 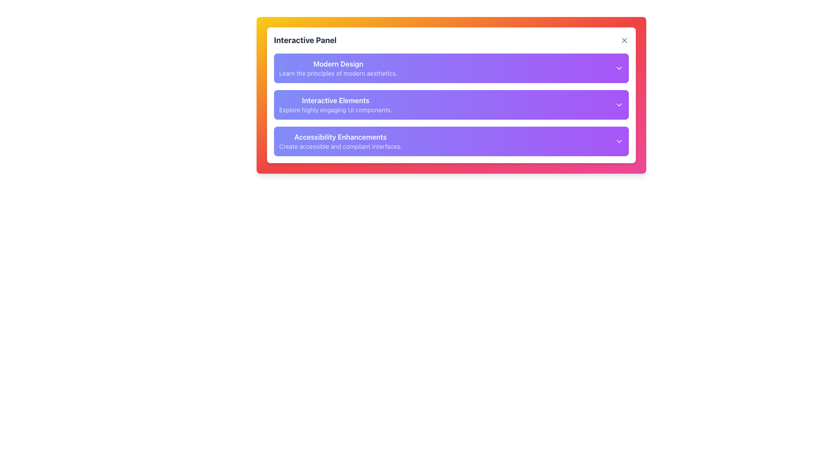 What do you see at coordinates (619, 68) in the screenshot?
I see `the Dropdown indicator or toggle icon located at the far right end of the 'Modern Design' section` at bounding box center [619, 68].